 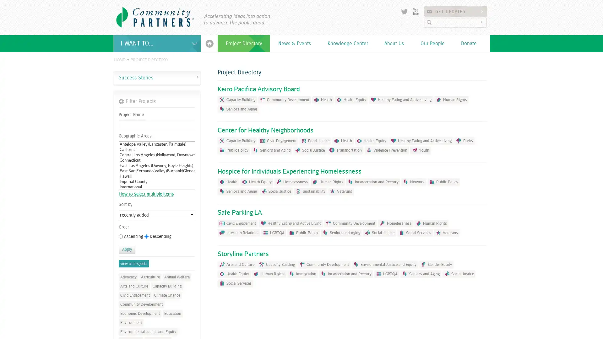 I want to click on Search, so click(x=482, y=22).